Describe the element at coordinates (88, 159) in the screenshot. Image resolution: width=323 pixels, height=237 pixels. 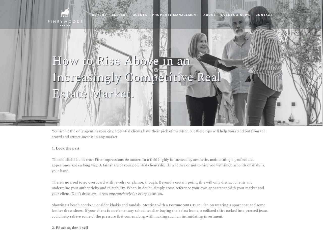
I see `'The old cliché holds true: First impressions'` at that location.